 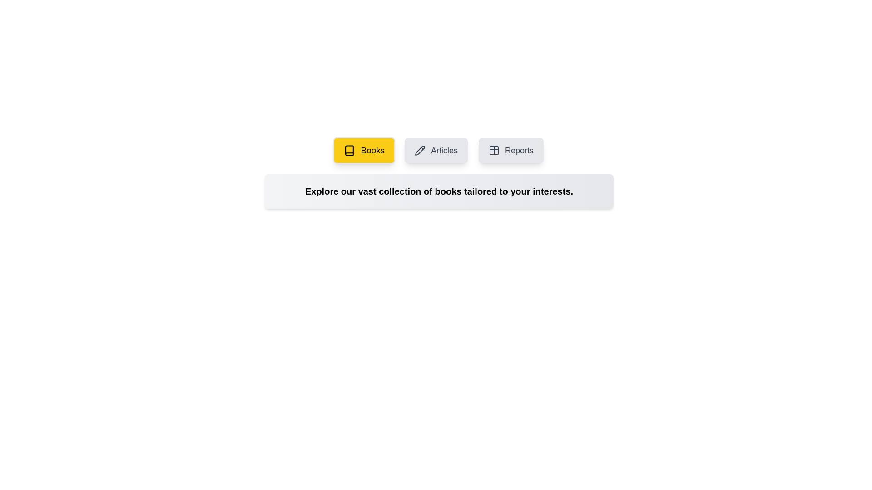 I want to click on the 'Books' text element, which is displayed in bold black font within a bright yellow rectangular button, located in the top center of the interface, so click(x=372, y=150).